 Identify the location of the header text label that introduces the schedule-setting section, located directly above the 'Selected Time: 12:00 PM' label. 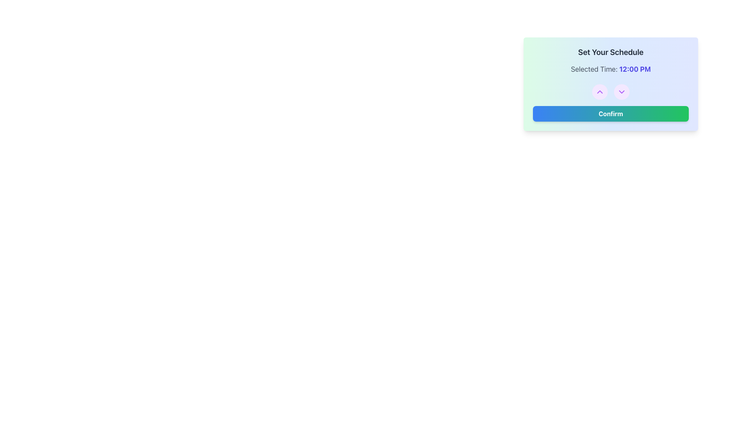
(610, 52).